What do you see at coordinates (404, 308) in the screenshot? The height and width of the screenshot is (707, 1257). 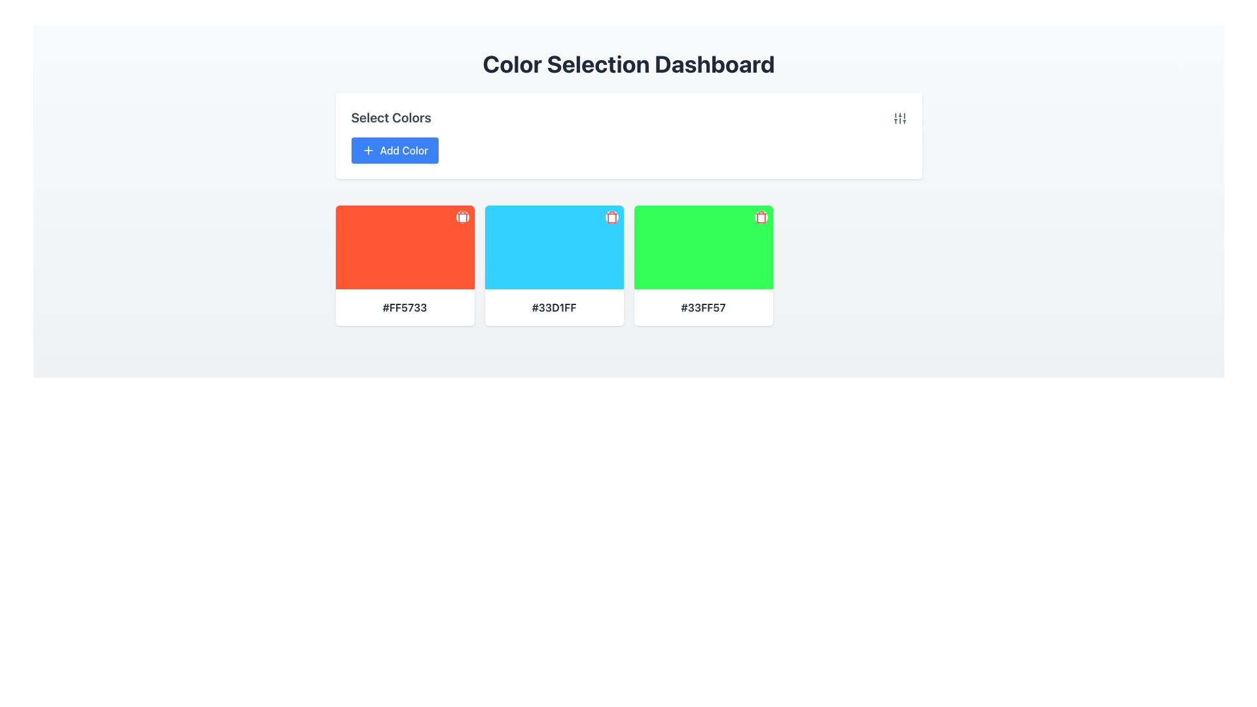 I see `the static text displaying the hexadecimal color code '#FF5733', which is located underneath a red-colored square in a row of three similar squares` at bounding box center [404, 308].